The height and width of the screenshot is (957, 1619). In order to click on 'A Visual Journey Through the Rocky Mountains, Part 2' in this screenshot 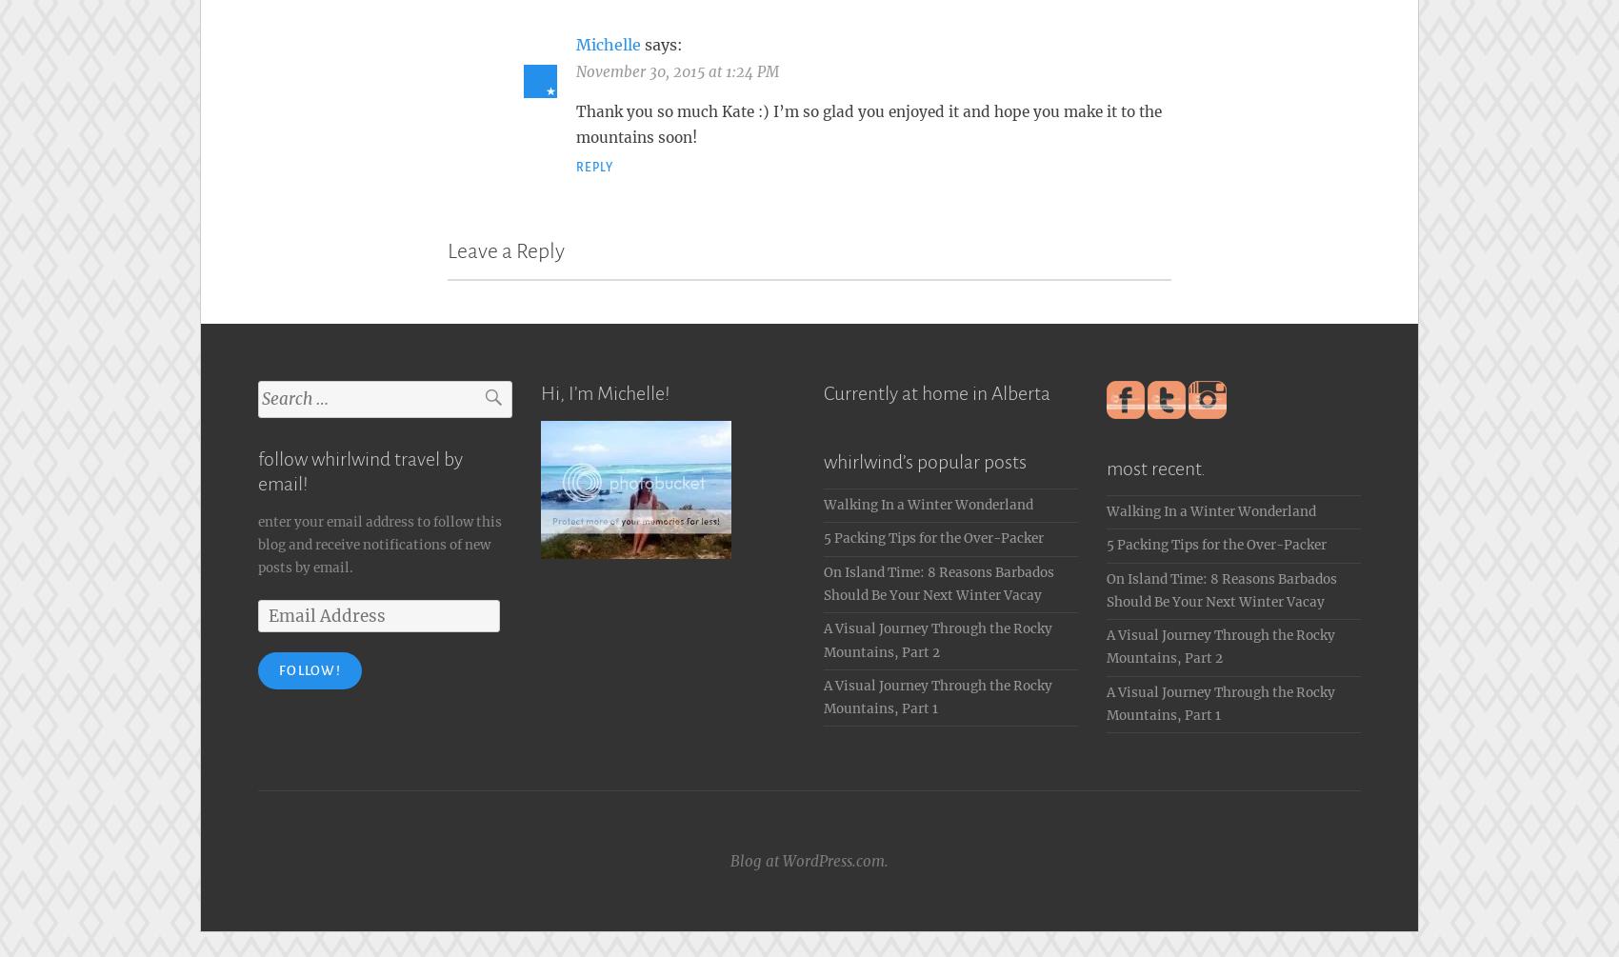, I will do `click(936, 634)`.